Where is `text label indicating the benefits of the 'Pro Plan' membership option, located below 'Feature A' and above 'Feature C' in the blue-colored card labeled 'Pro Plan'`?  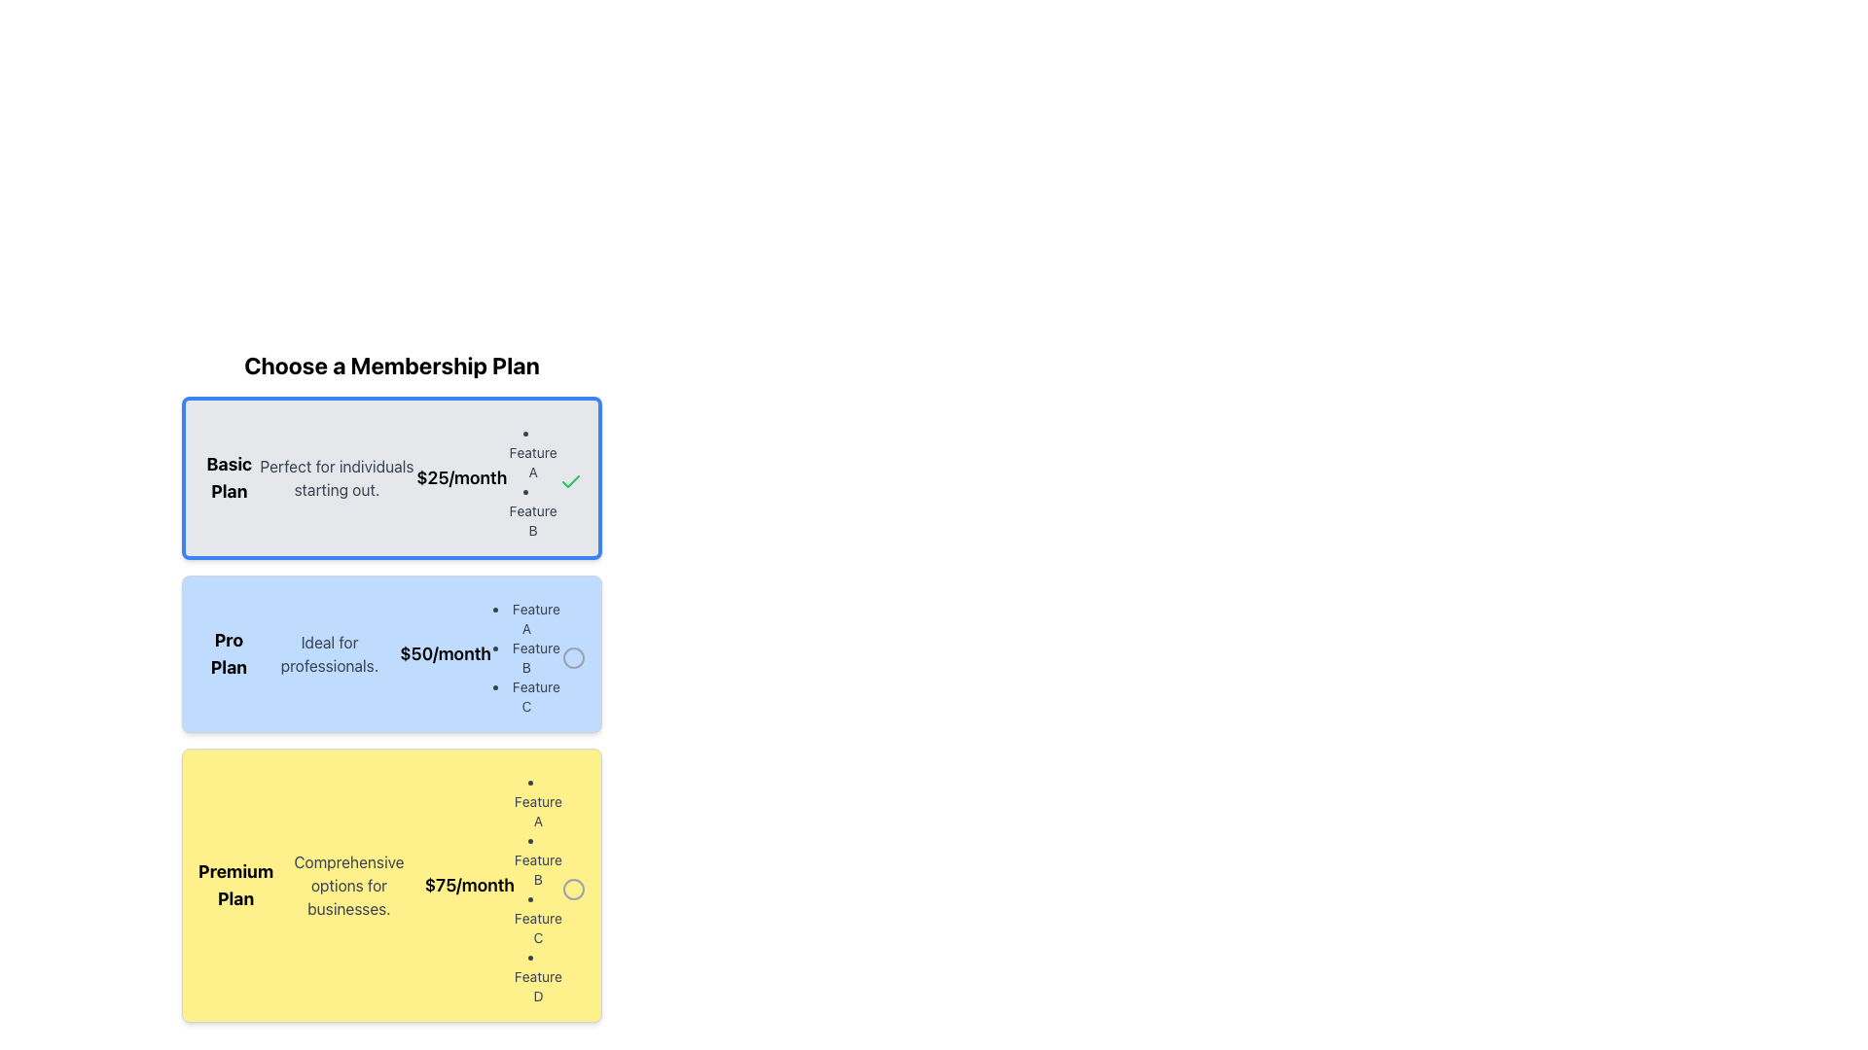 text label indicating the benefits of the 'Pro Plan' membership option, located below 'Feature A' and above 'Feature C' in the blue-colored card labeled 'Pro Plan' is located at coordinates (526, 657).